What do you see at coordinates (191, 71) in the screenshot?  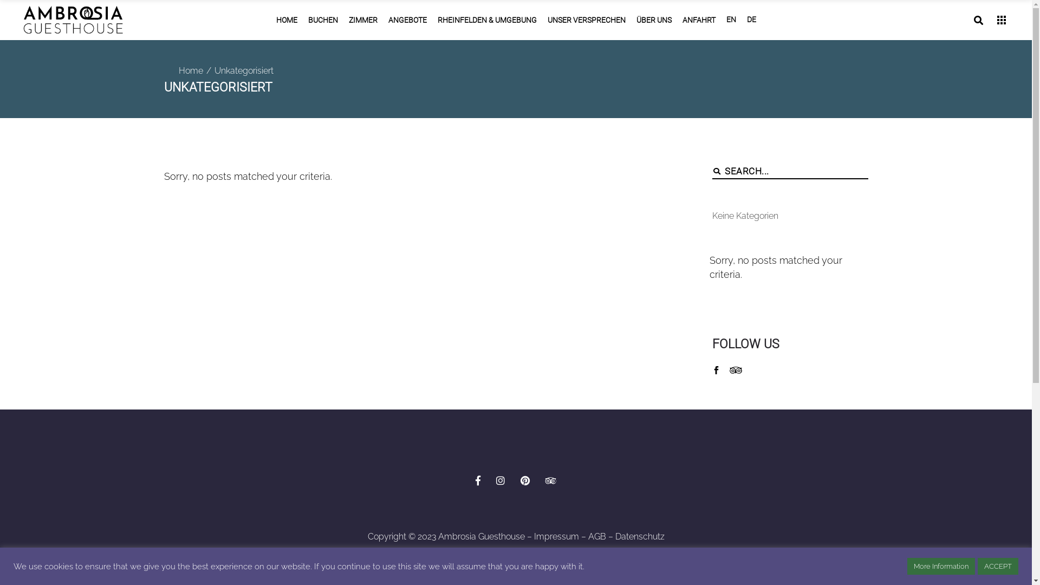 I see `'Home'` at bounding box center [191, 71].